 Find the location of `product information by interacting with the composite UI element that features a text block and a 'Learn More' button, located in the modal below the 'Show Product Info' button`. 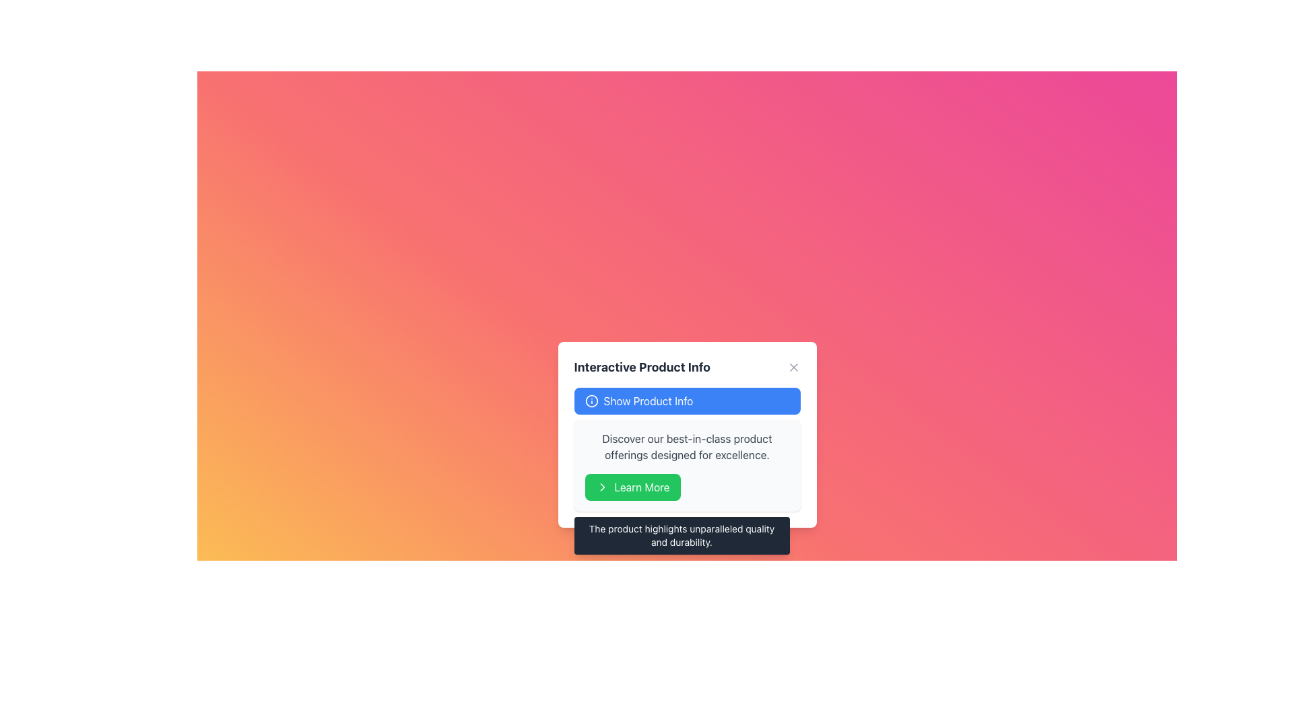

product information by interacting with the composite UI element that features a text block and a 'Learn More' button, located in the modal below the 'Show Product Info' button is located at coordinates (687, 464).